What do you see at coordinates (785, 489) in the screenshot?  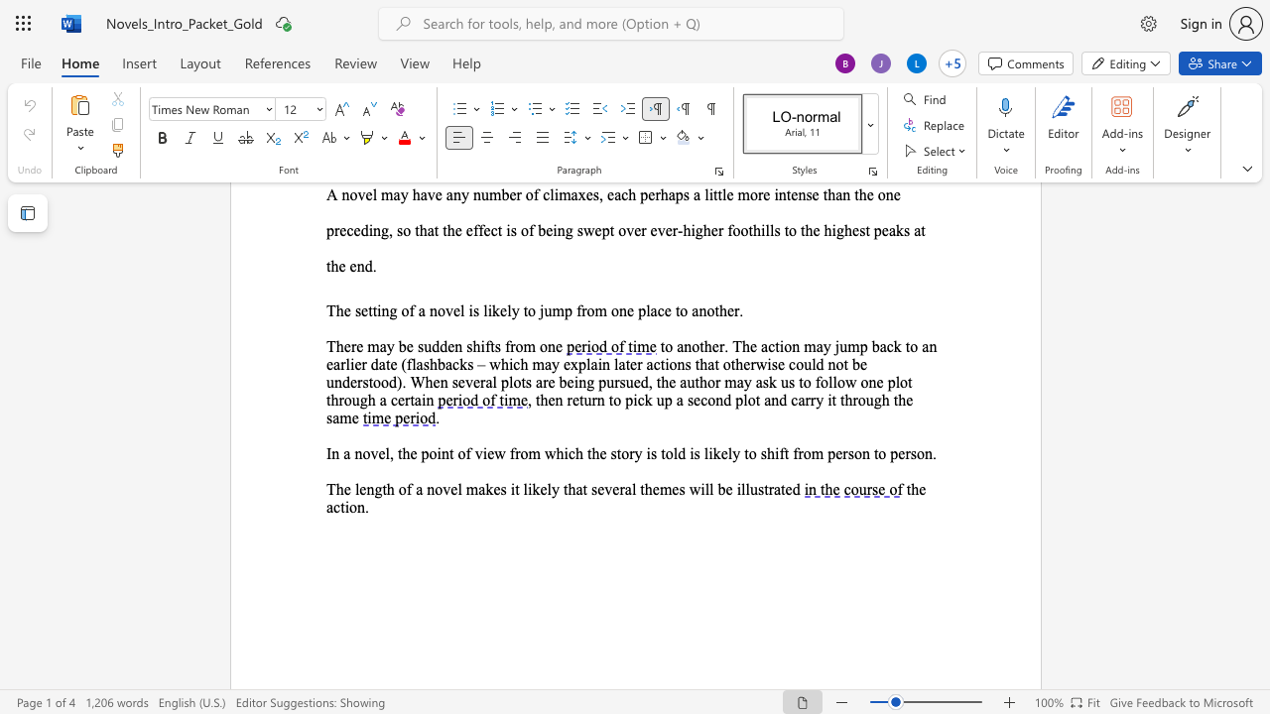 I see `the space between the continuous character "t" and "e" in the text` at bounding box center [785, 489].